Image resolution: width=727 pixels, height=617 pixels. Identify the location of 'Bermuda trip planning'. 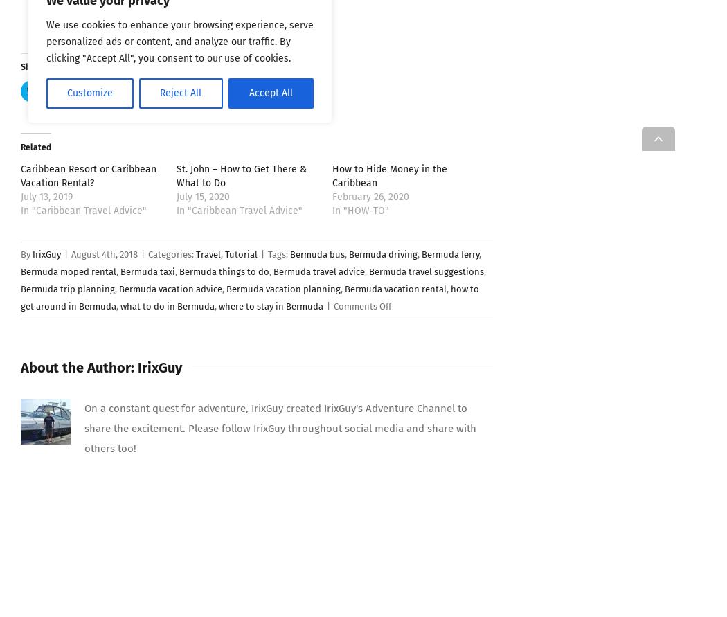
(67, 288).